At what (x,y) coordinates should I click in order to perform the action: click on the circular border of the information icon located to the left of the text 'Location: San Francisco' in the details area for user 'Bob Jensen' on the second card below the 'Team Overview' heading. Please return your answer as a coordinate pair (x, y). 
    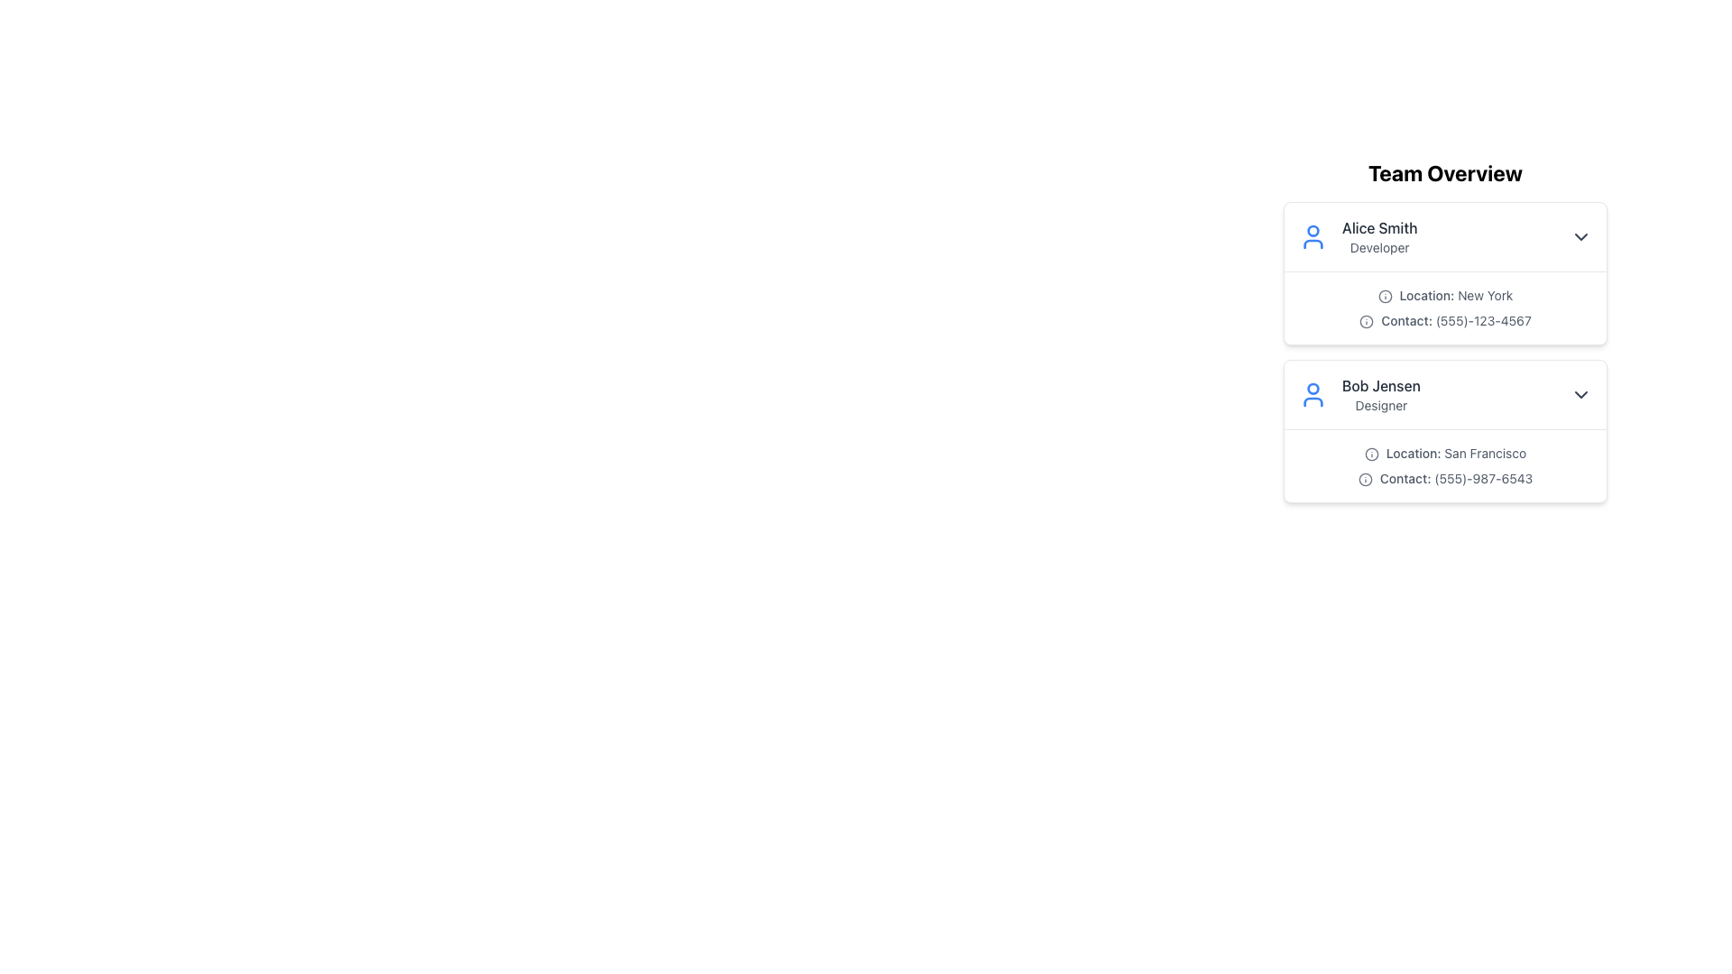
    Looking at the image, I should click on (1371, 454).